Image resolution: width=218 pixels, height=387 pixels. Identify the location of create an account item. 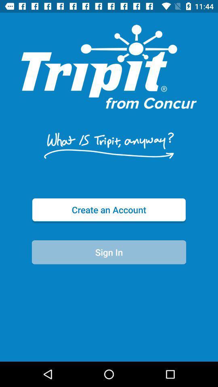
(109, 209).